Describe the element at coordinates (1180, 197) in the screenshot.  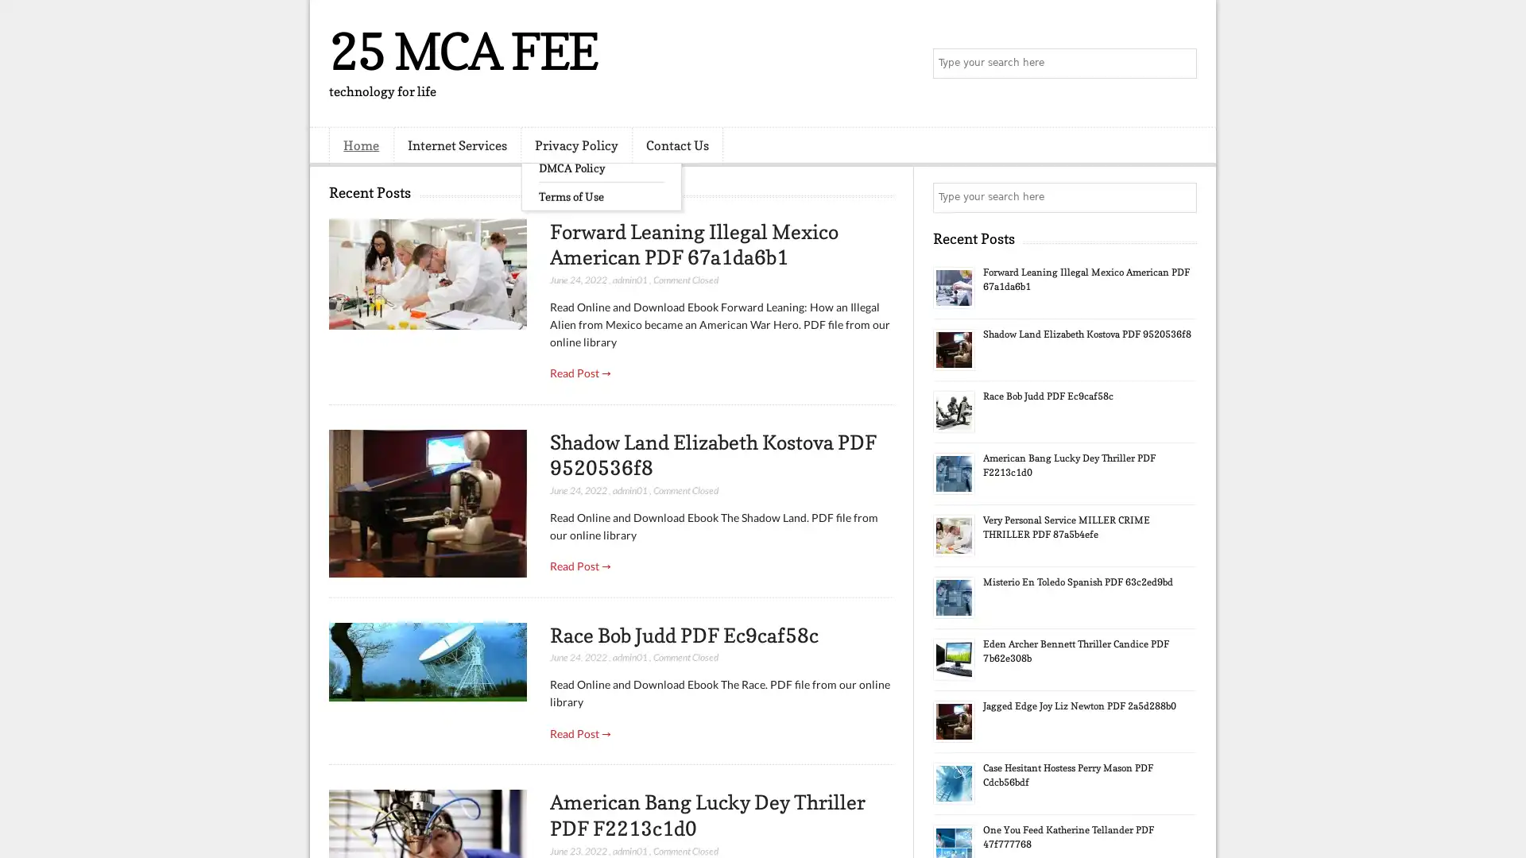
I see `Search` at that location.